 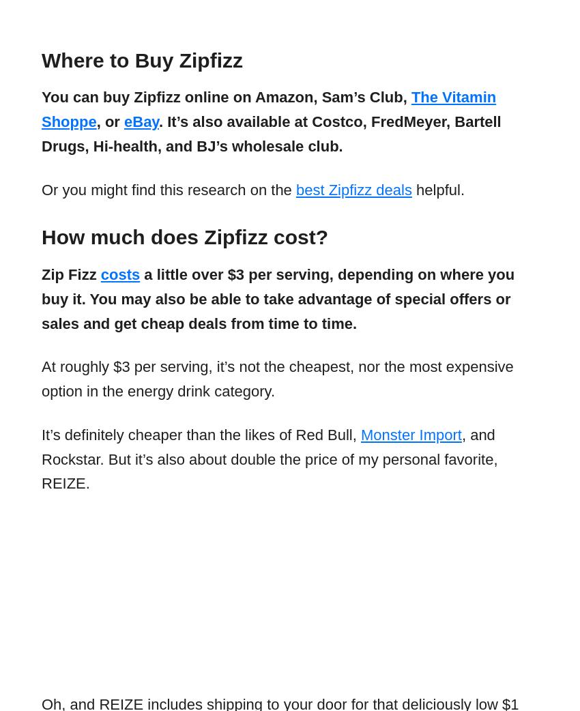 I want to click on 'Zip Fizz', so click(x=70, y=274).